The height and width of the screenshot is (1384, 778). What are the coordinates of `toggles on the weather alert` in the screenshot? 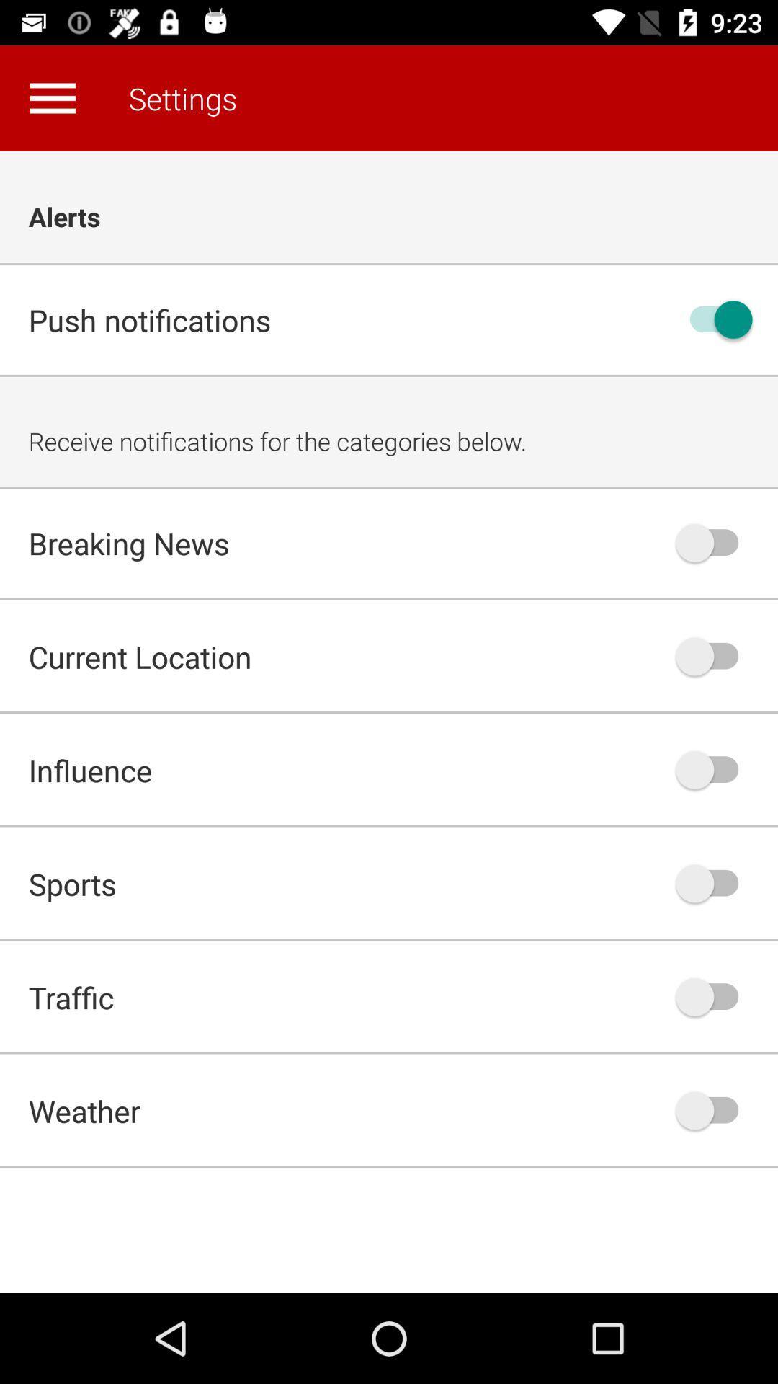 It's located at (714, 1109).